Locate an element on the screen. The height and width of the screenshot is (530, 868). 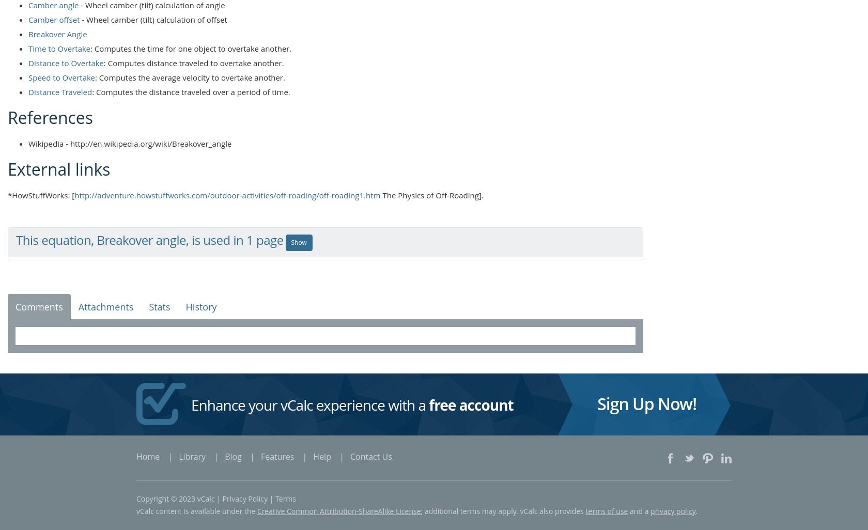
'Terms' is located at coordinates (286, 498).